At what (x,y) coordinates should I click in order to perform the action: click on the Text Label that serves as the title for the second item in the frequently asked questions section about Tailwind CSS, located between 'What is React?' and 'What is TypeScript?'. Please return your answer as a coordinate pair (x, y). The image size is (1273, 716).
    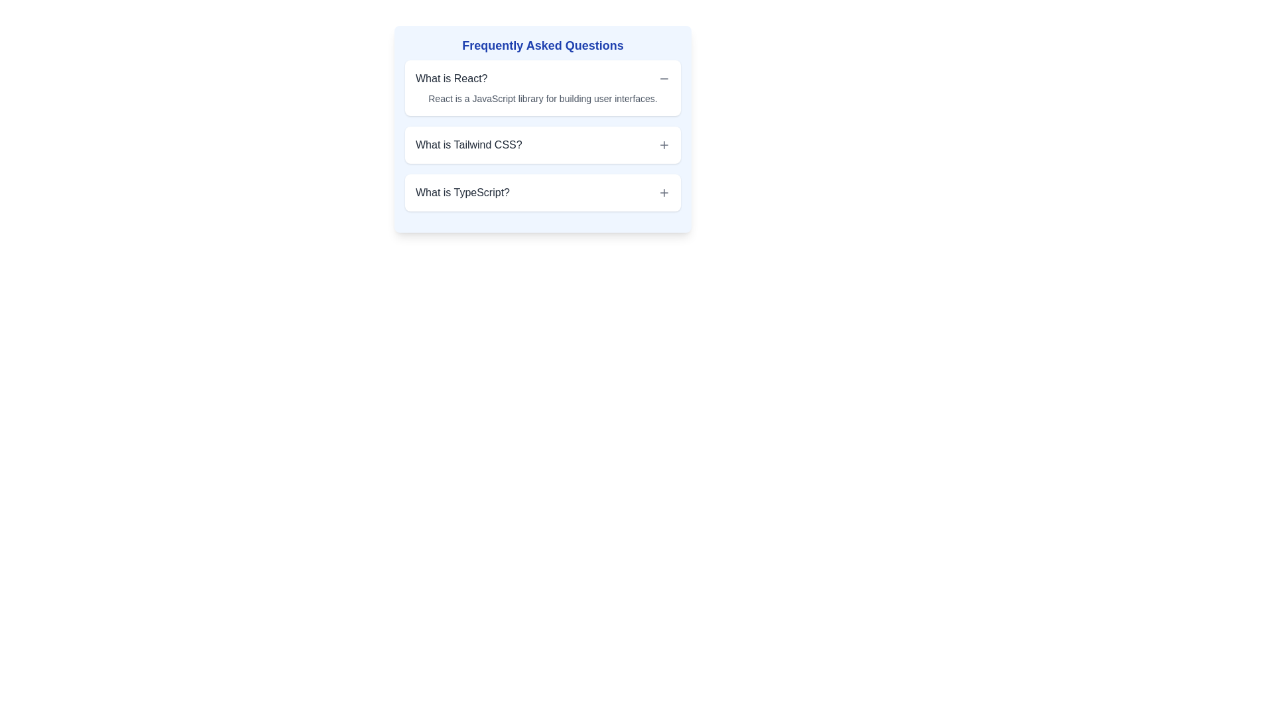
    Looking at the image, I should click on (469, 145).